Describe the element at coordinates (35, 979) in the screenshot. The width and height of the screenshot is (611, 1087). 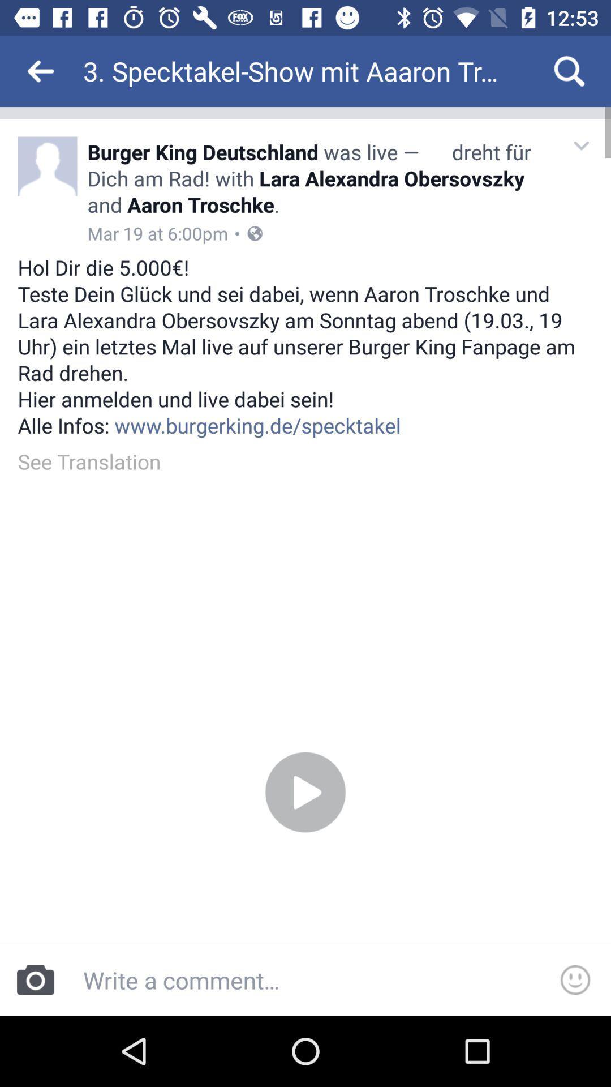
I see `the photo icon` at that location.